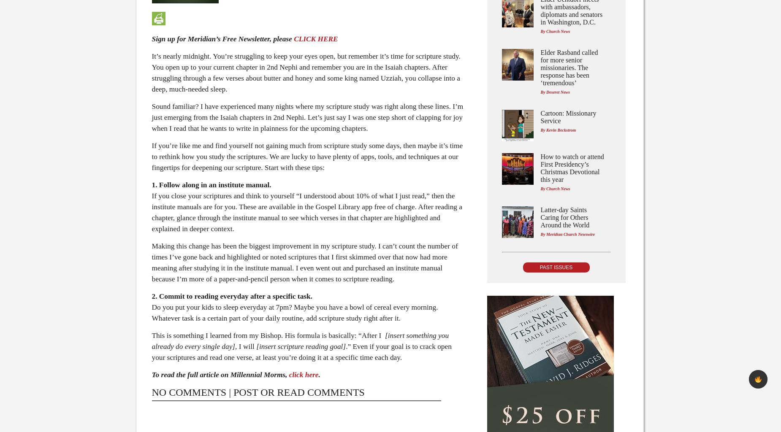 The image size is (781, 432). I want to click on 'click here', so click(303, 375).